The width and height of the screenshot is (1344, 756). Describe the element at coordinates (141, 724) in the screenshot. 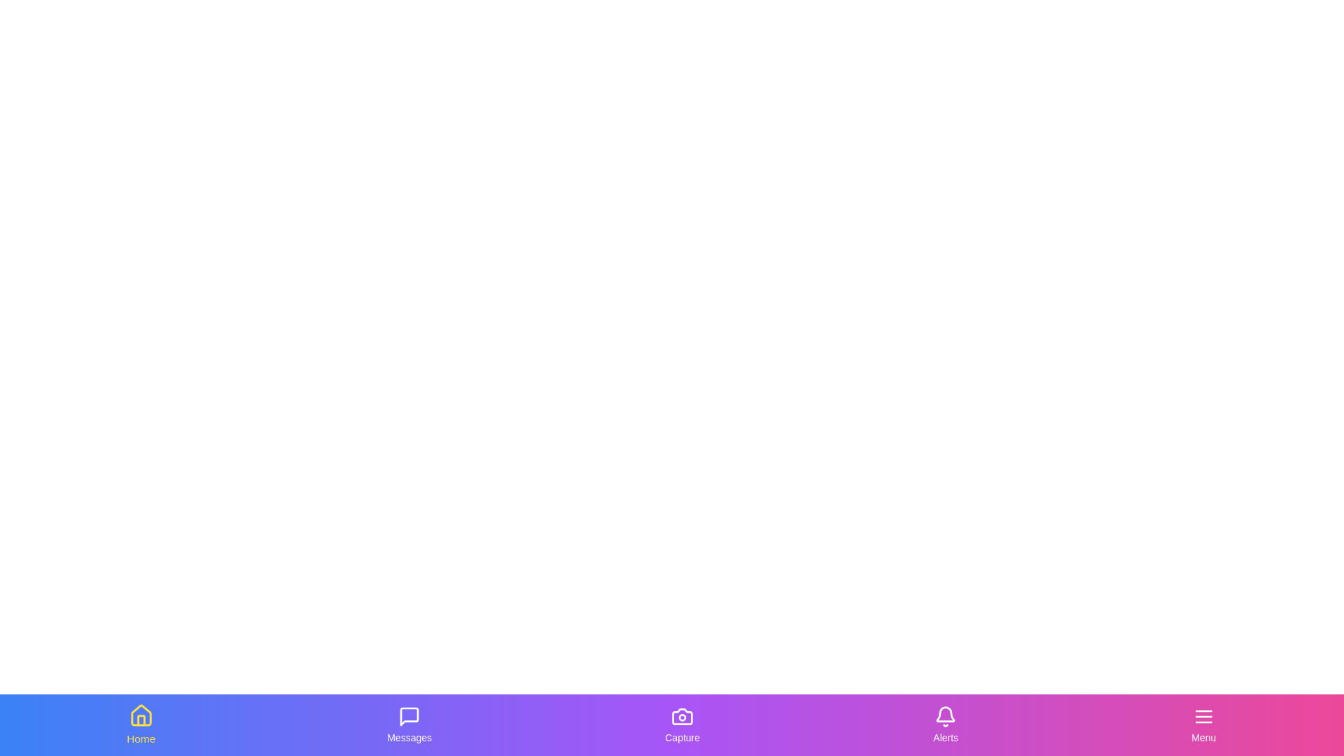

I see `the tab labeled Home to observe its visual feedback` at that location.